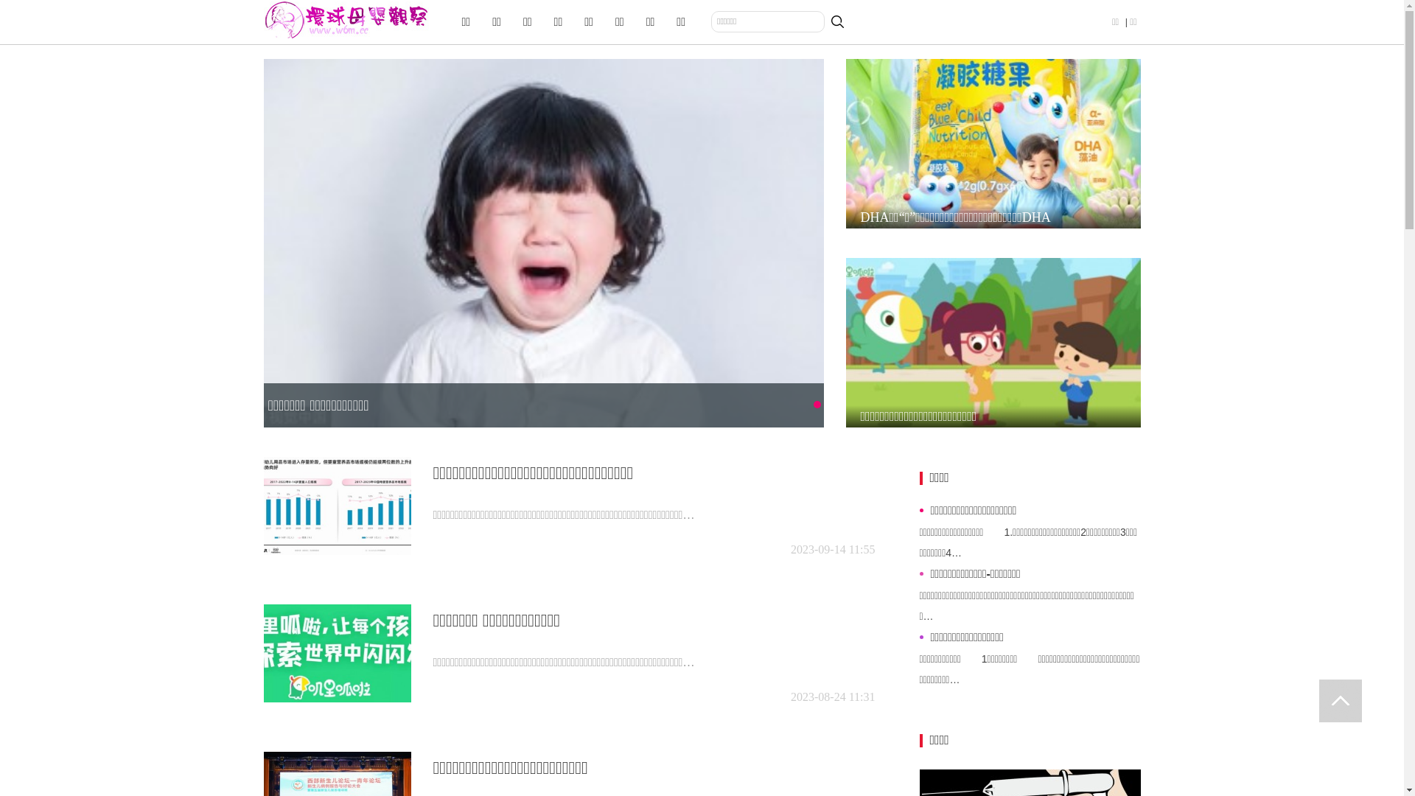  I want to click on '2023-08-24 11:31', so click(833, 696).